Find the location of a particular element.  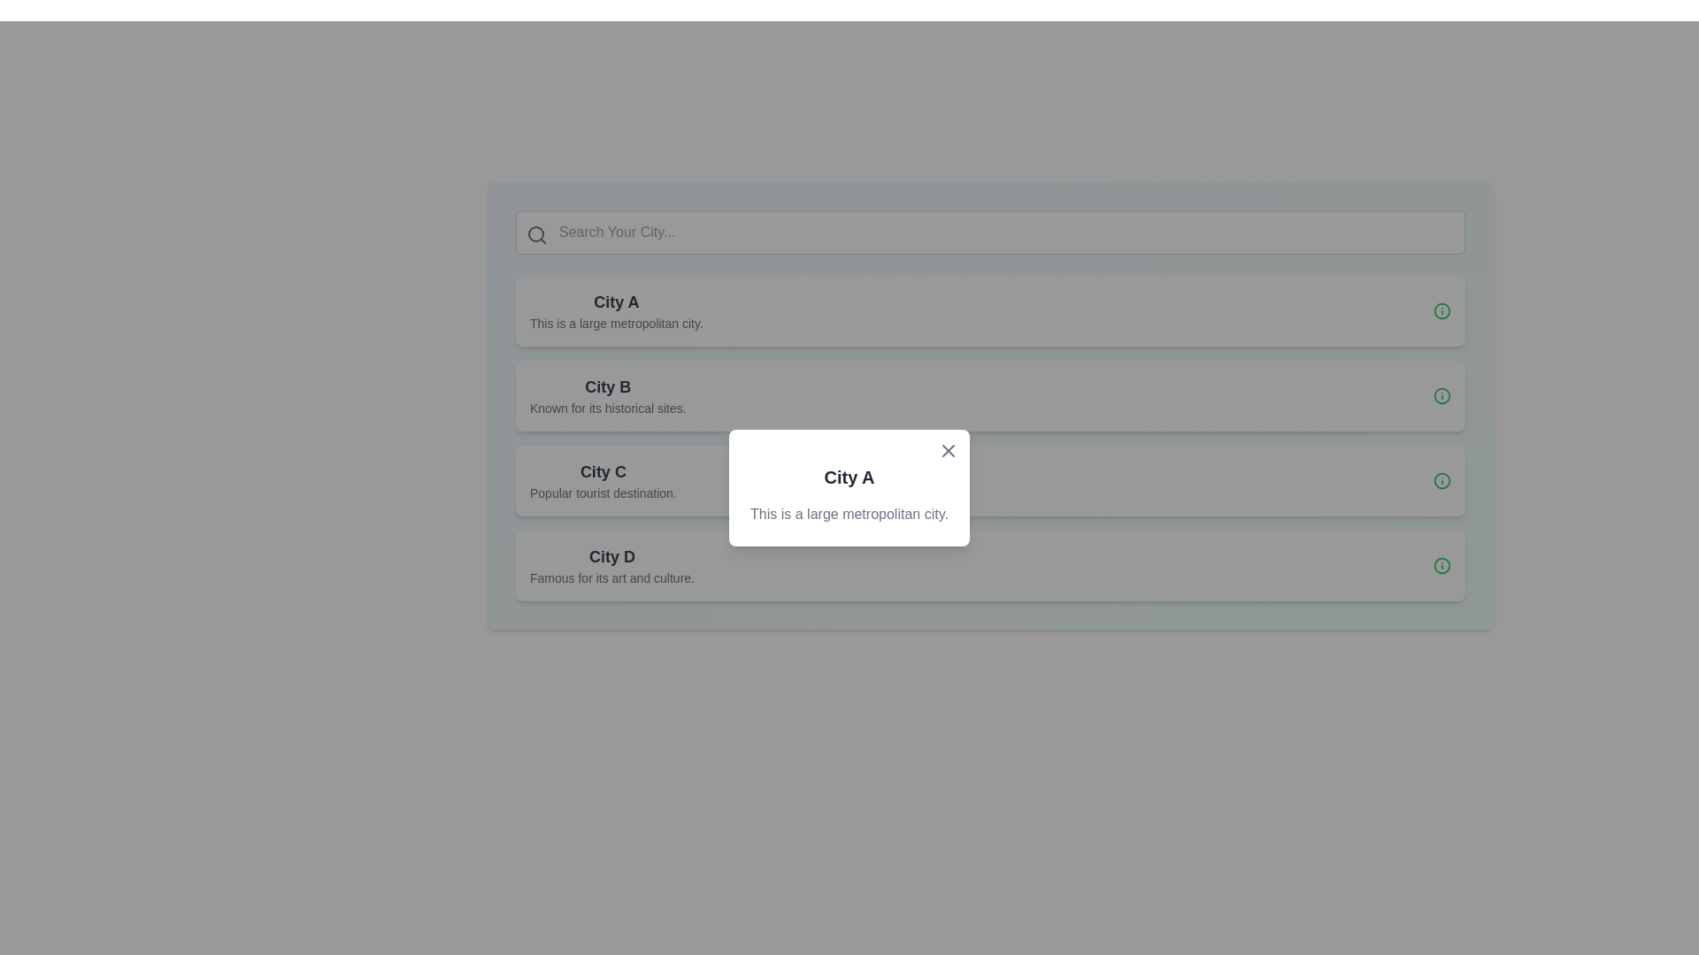

the city card located at the top of the vertical list is located at coordinates (989, 309).